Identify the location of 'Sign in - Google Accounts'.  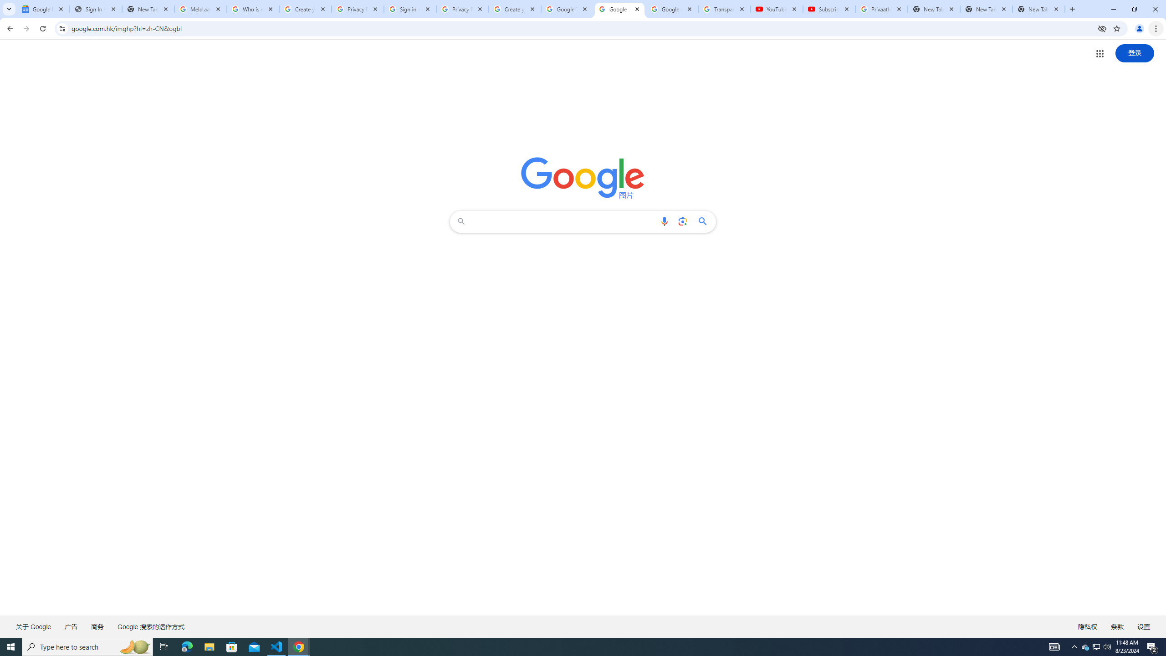
(410, 9).